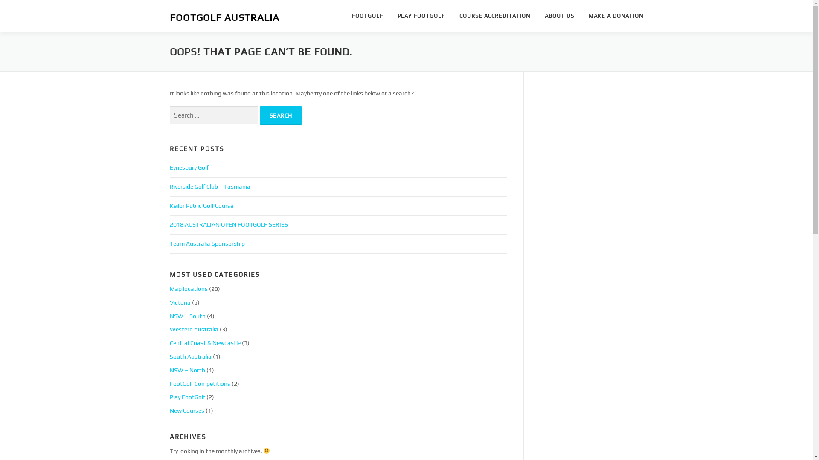 Image resolution: width=819 pixels, height=460 pixels. What do you see at coordinates (205, 342) in the screenshot?
I see `'Central Coast & Newcastle'` at bounding box center [205, 342].